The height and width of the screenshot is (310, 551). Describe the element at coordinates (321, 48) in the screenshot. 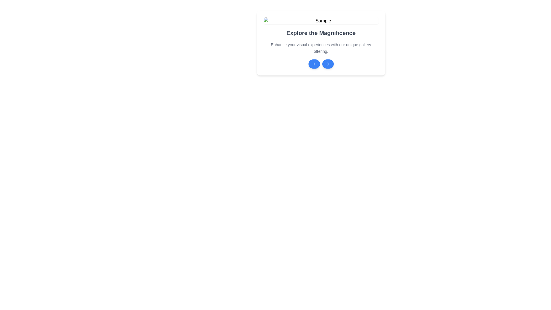

I see `the small text block that contains the sentence 'Enhance your visual experiences with our unique gallery offering.' positioned beneath the heading 'Explore the Magnificence.'` at that location.